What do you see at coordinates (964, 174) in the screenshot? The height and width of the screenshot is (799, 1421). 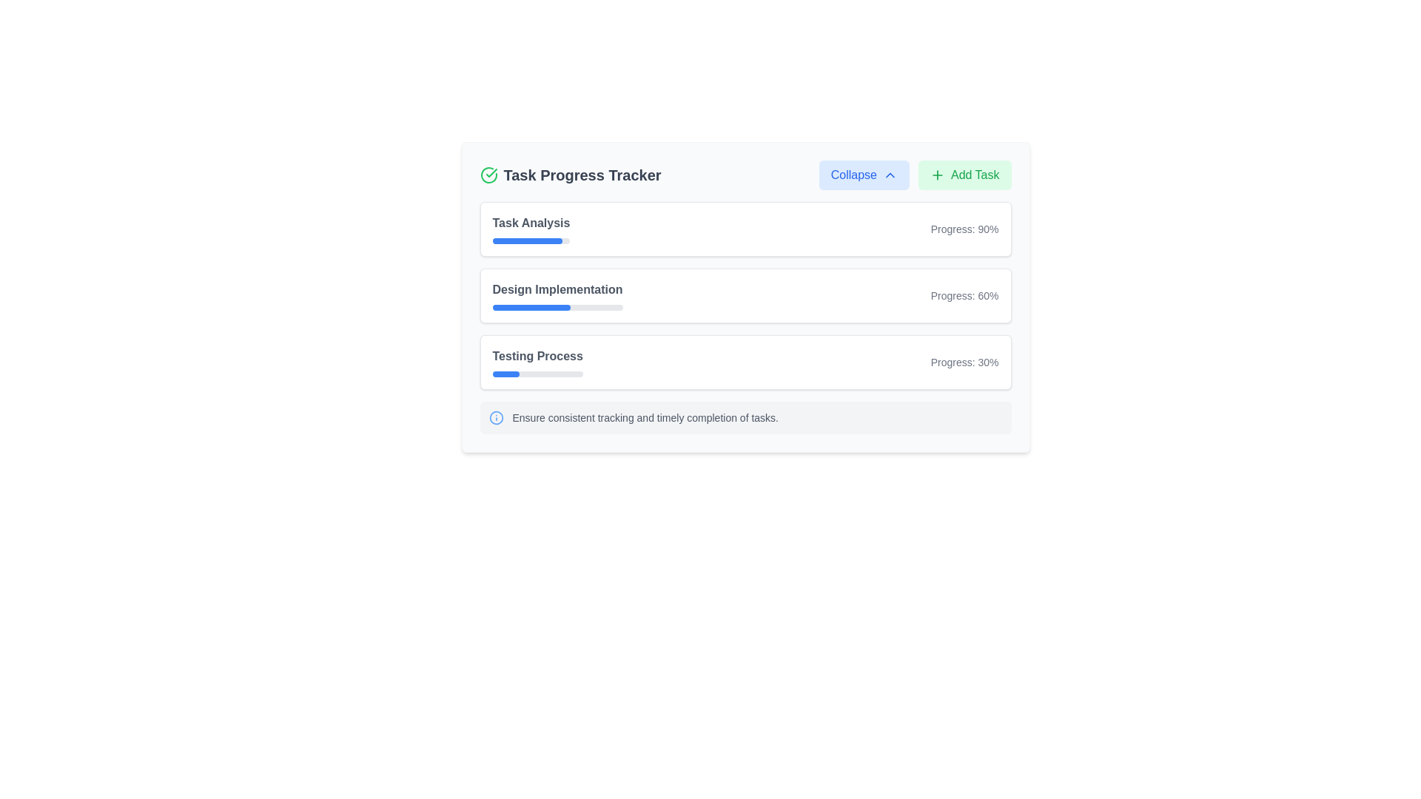 I see `the green rectangular 'Add Task' button with a plus icon` at bounding box center [964, 174].